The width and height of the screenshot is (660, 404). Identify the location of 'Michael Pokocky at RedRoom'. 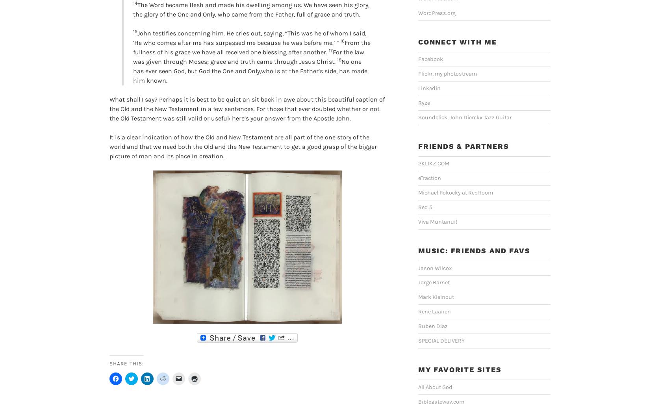
(418, 192).